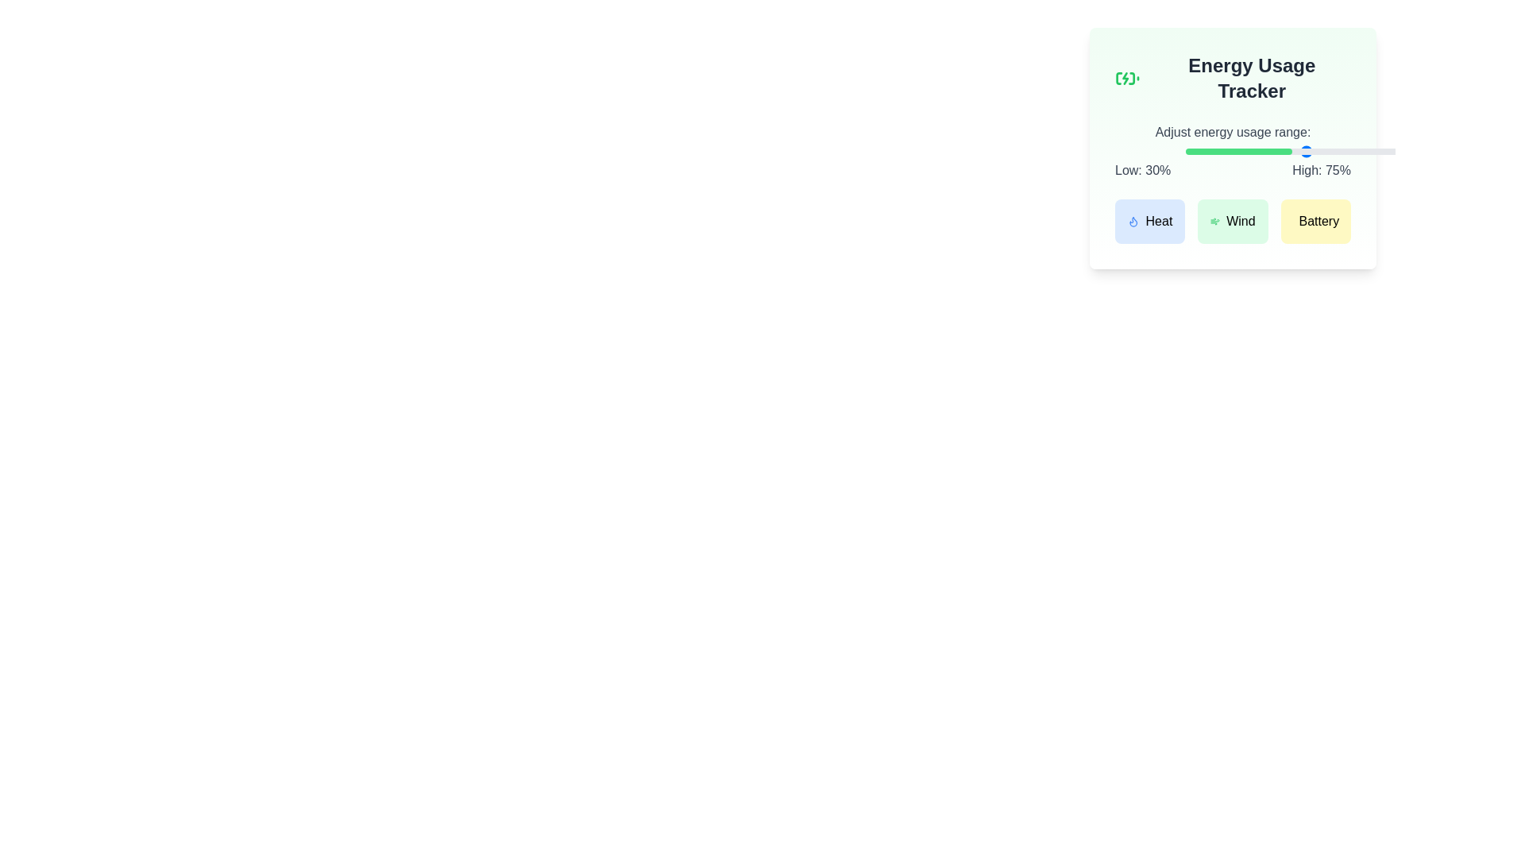 Image resolution: width=1525 pixels, height=858 pixels. What do you see at coordinates (1131, 79) in the screenshot?
I see `right segment of the battery charging SVG icon for development purposes` at bounding box center [1131, 79].